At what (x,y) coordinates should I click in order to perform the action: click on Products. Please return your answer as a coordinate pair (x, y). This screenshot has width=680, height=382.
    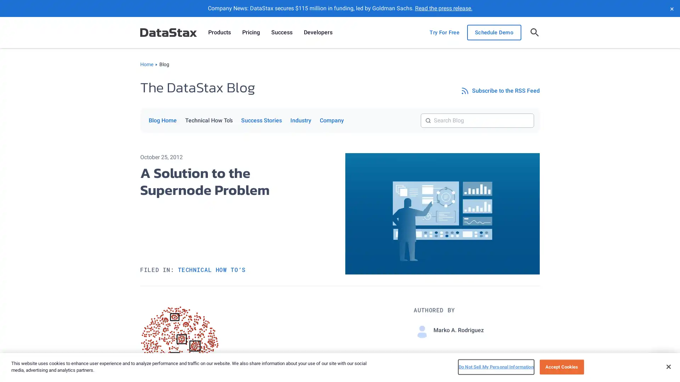
    Looking at the image, I should click on (219, 33).